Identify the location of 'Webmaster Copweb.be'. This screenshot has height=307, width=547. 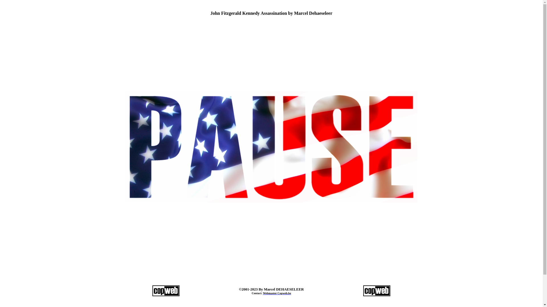
(277, 293).